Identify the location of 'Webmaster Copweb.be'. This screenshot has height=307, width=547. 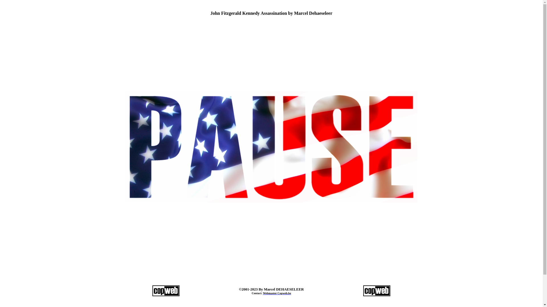
(277, 293).